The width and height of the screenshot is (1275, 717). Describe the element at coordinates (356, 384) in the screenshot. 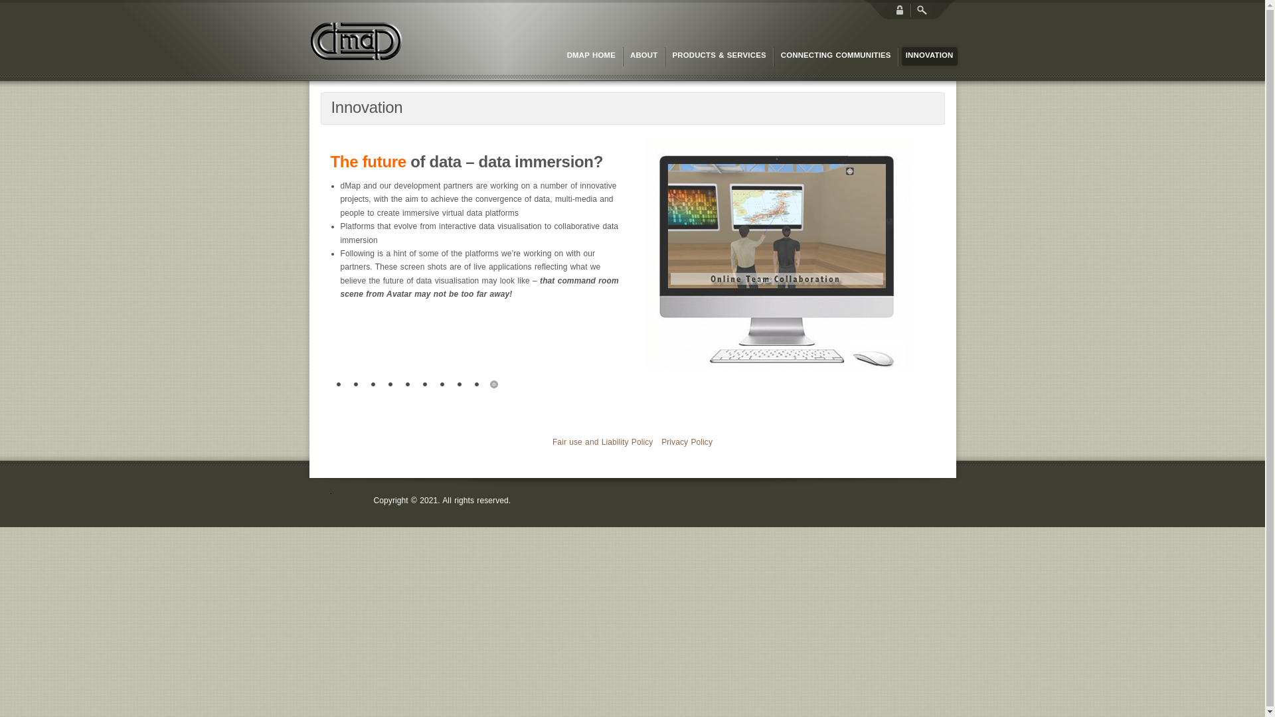

I see `'#'` at that location.